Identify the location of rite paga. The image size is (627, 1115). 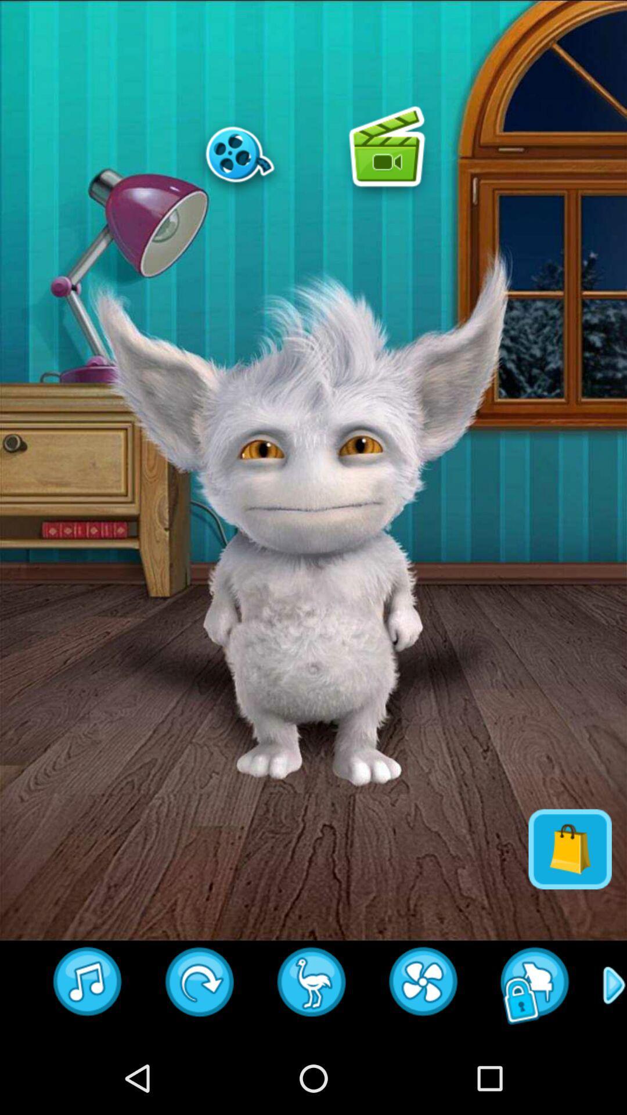
(424, 985).